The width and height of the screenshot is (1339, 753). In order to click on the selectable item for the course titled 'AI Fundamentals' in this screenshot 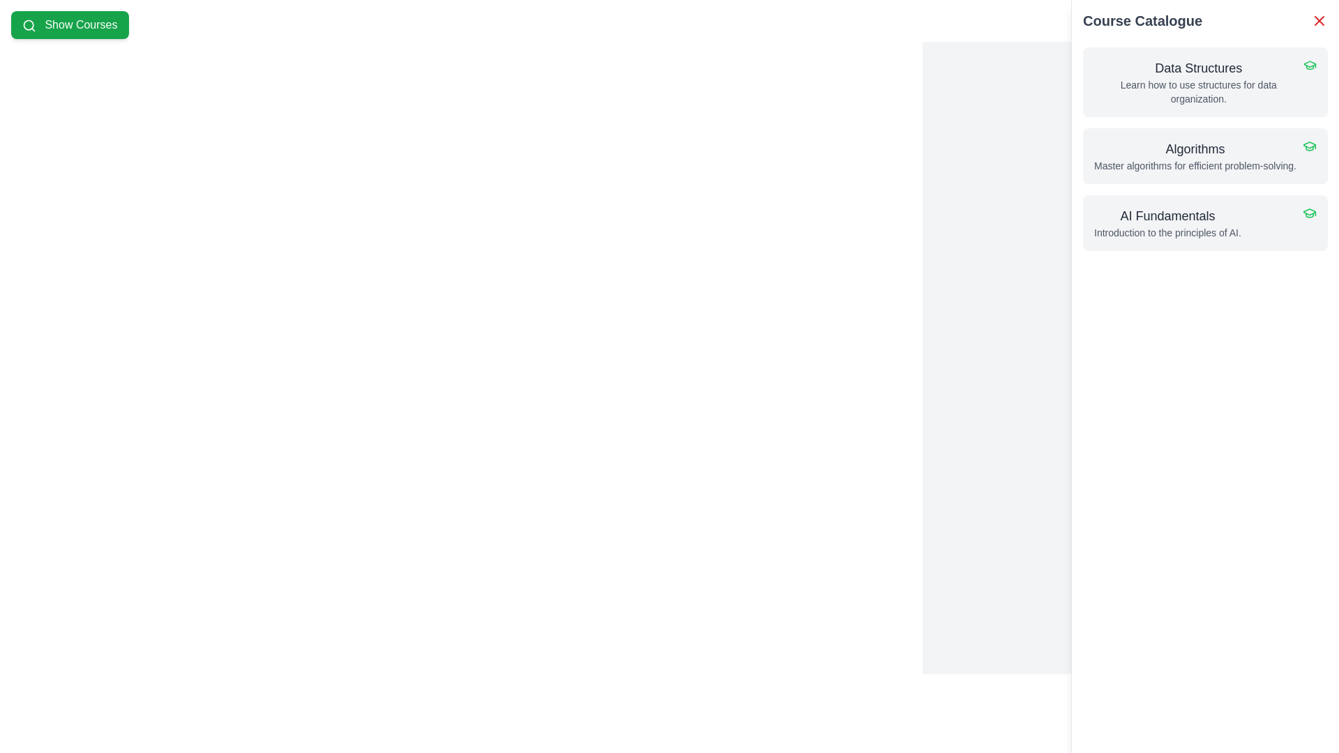, I will do `click(1204, 222)`.